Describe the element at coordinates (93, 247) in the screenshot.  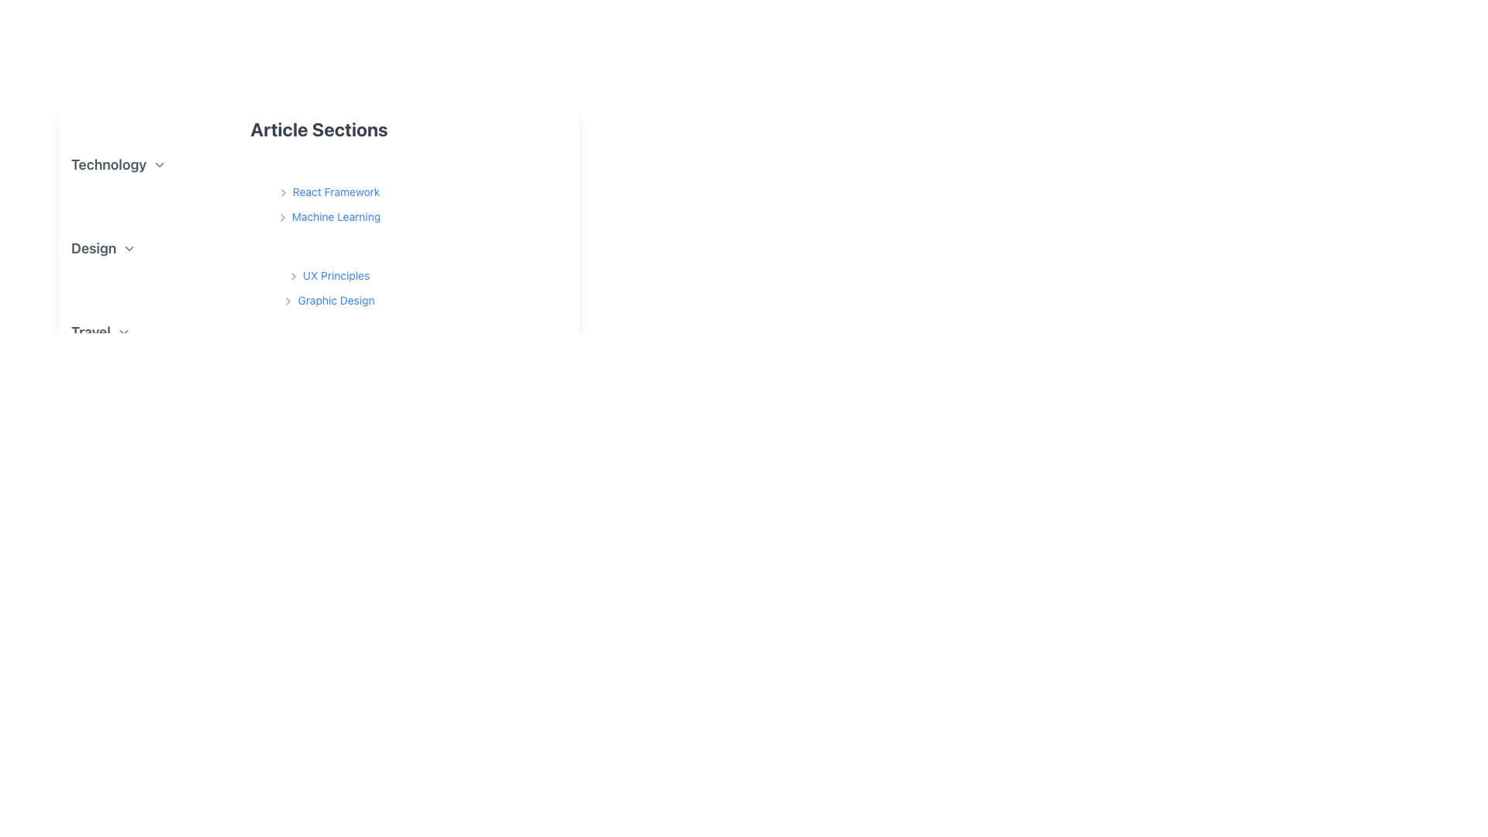
I see `the text label displaying 'Design' in bold gray font, located in the sidebar under the 'Technology' section` at that location.